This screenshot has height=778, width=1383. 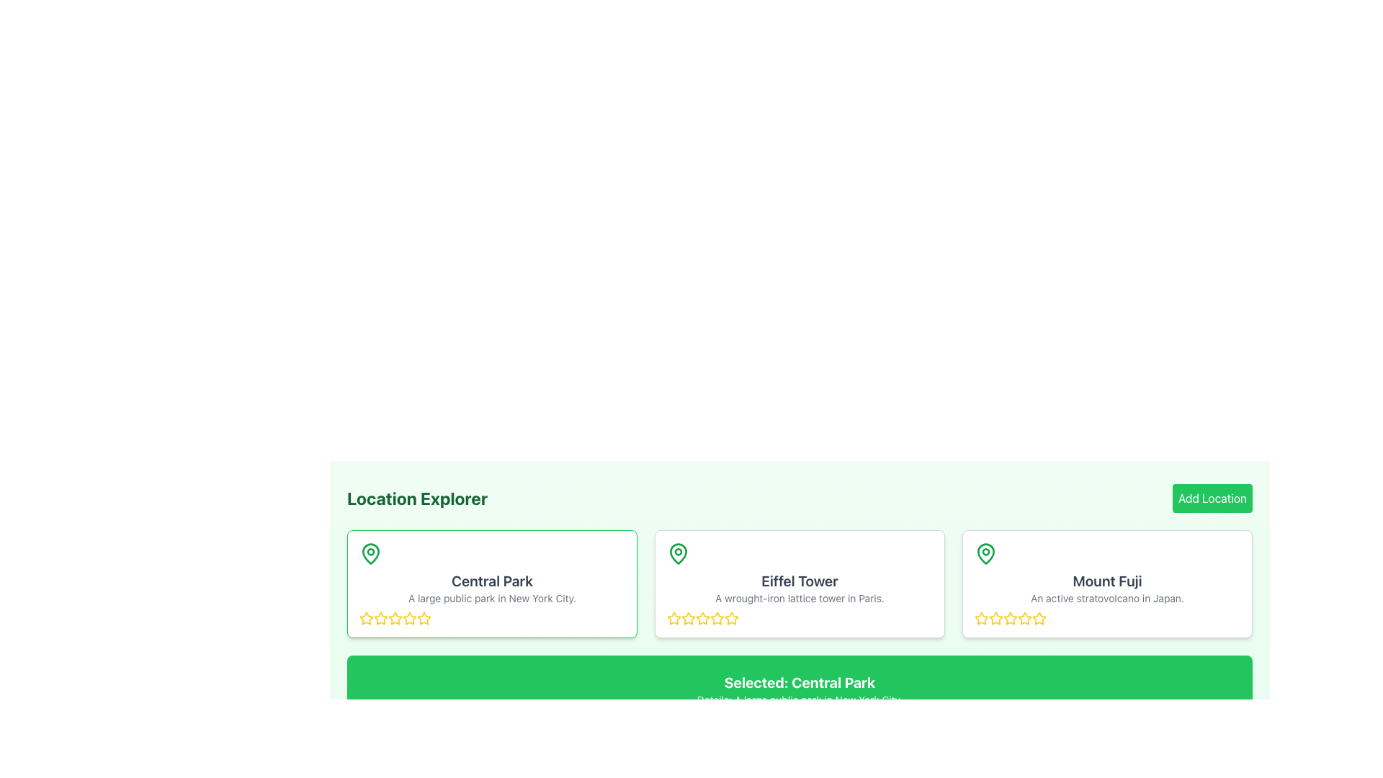 What do you see at coordinates (732, 617) in the screenshot?
I see `the fourth star icon in the rating system for the 'Eiffel Tower' card` at bounding box center [732, 617].